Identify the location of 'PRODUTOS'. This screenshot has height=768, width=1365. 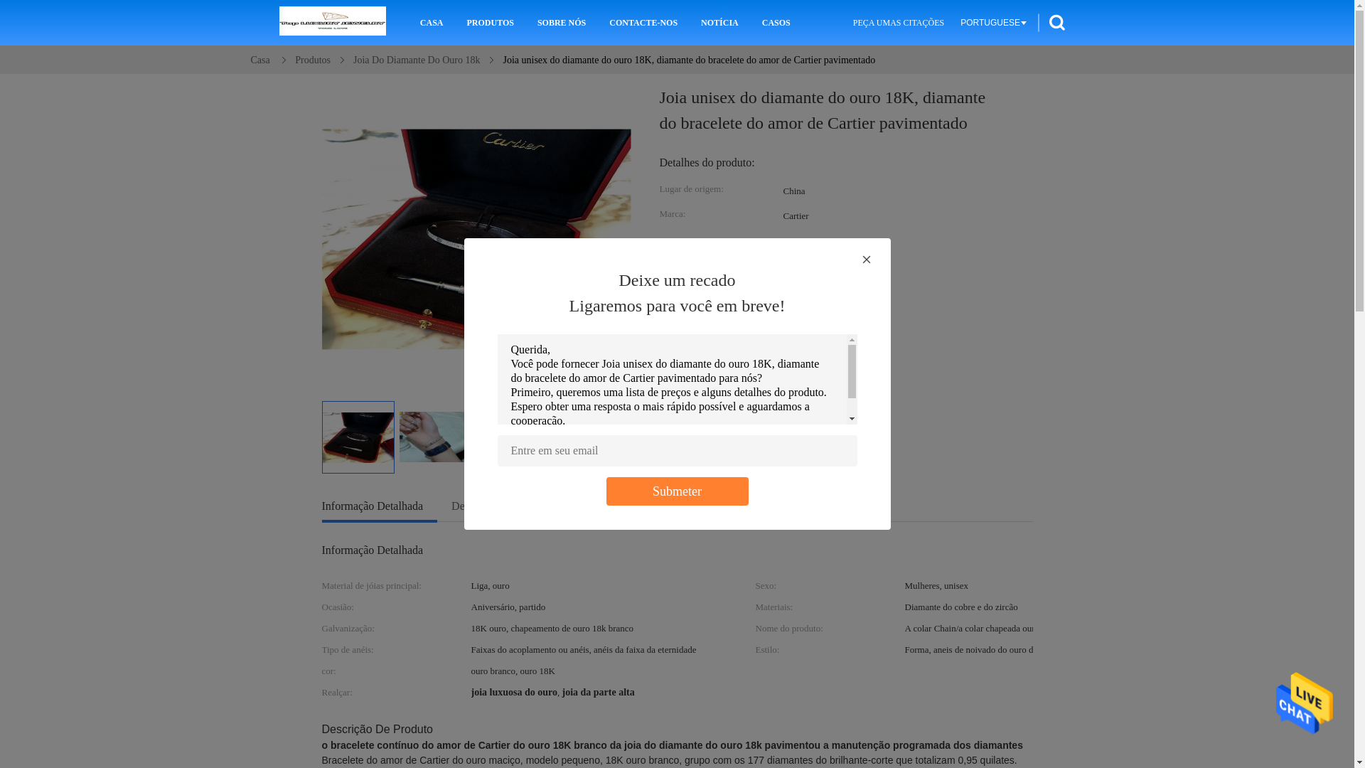
(463, 22).